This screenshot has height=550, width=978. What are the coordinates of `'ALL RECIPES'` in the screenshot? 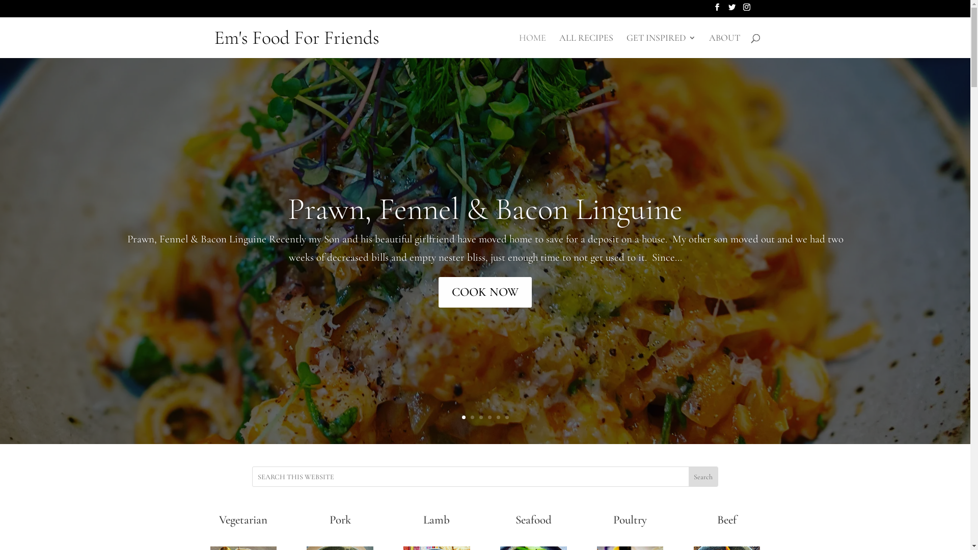 It's located at (559, 45).